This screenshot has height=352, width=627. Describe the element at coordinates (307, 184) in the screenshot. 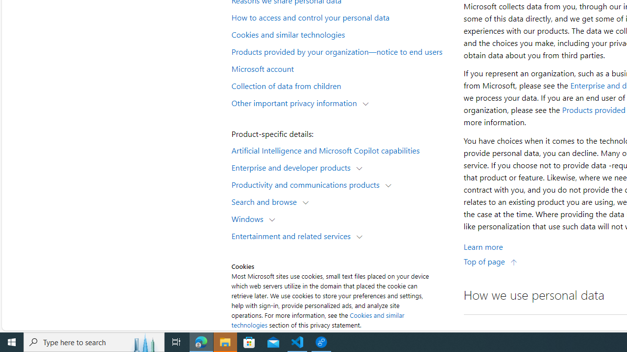

I see `'Productivity and communications products'` at that location.